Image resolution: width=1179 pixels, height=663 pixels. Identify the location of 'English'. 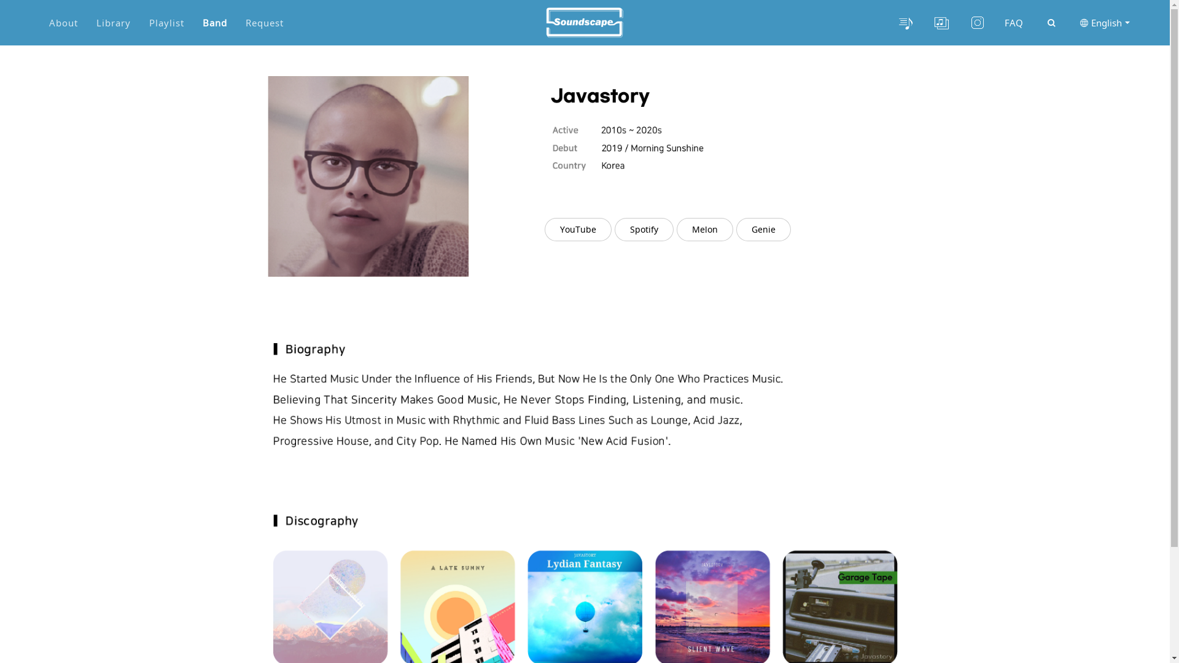
(1079, 23).